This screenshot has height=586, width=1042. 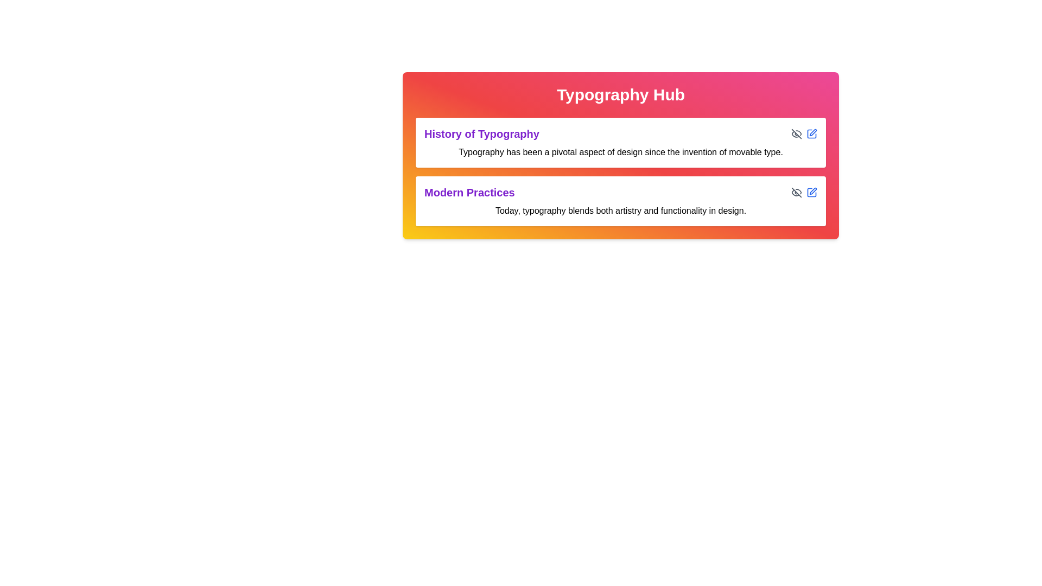 I want to click on the descriptive text element located under the heading 'Modern Practices' within the card-like structure with a gradient background, so click(x=620, y=211).